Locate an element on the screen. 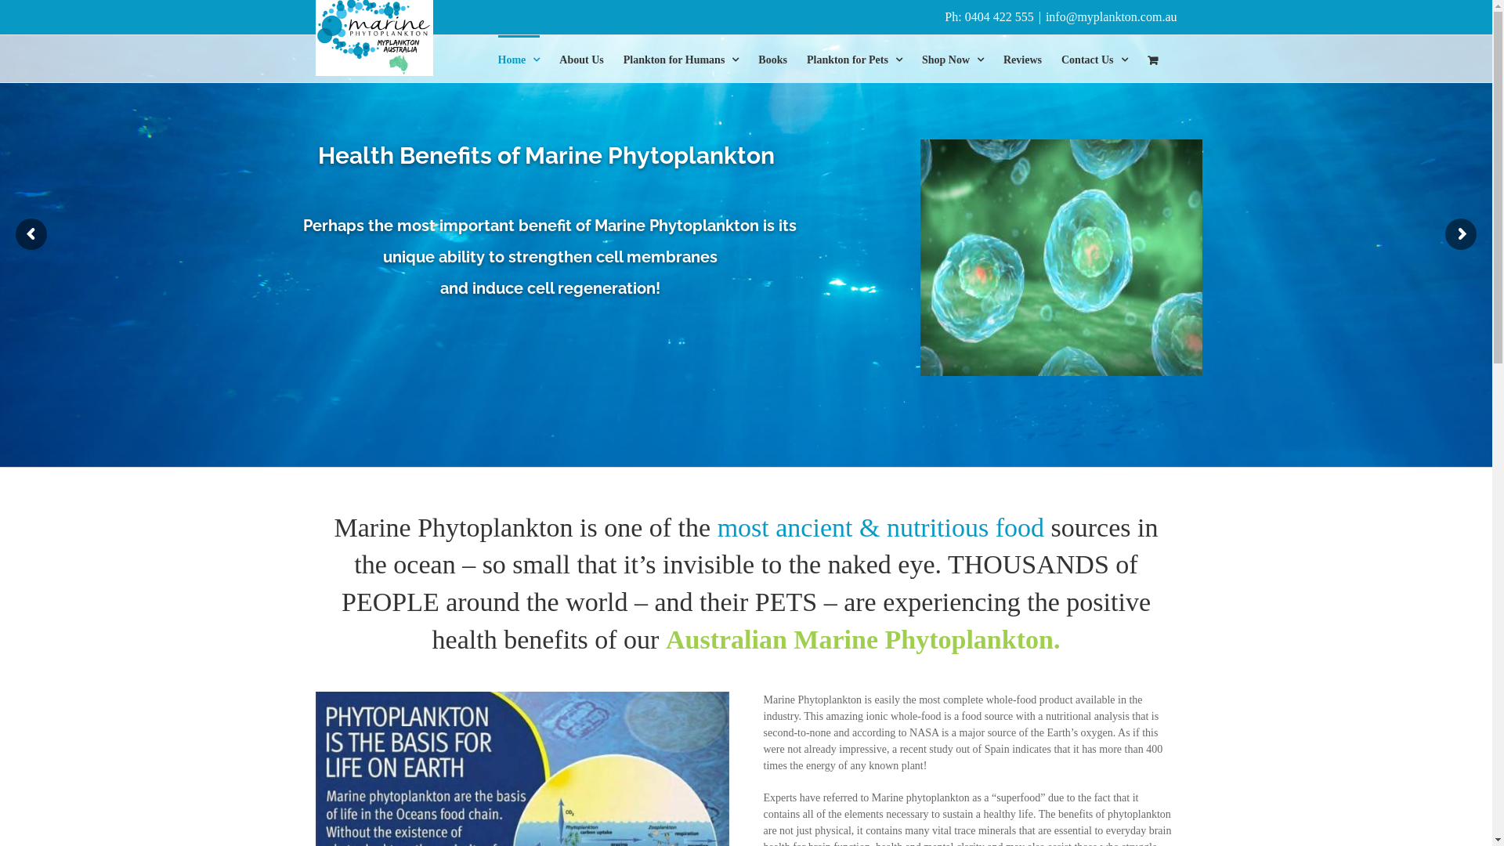 This screenshot has width=1504, height=846. 'Reviews' is located at coordinates (1003, 57).